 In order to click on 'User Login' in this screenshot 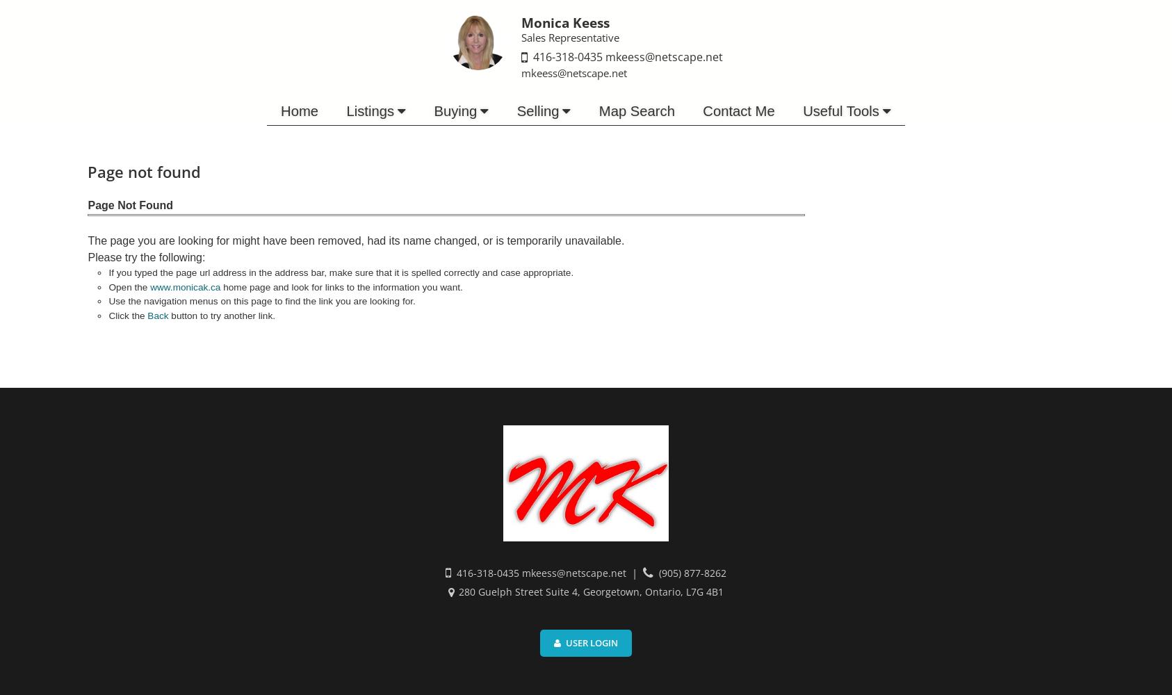, I will do `click(590, 642)`.